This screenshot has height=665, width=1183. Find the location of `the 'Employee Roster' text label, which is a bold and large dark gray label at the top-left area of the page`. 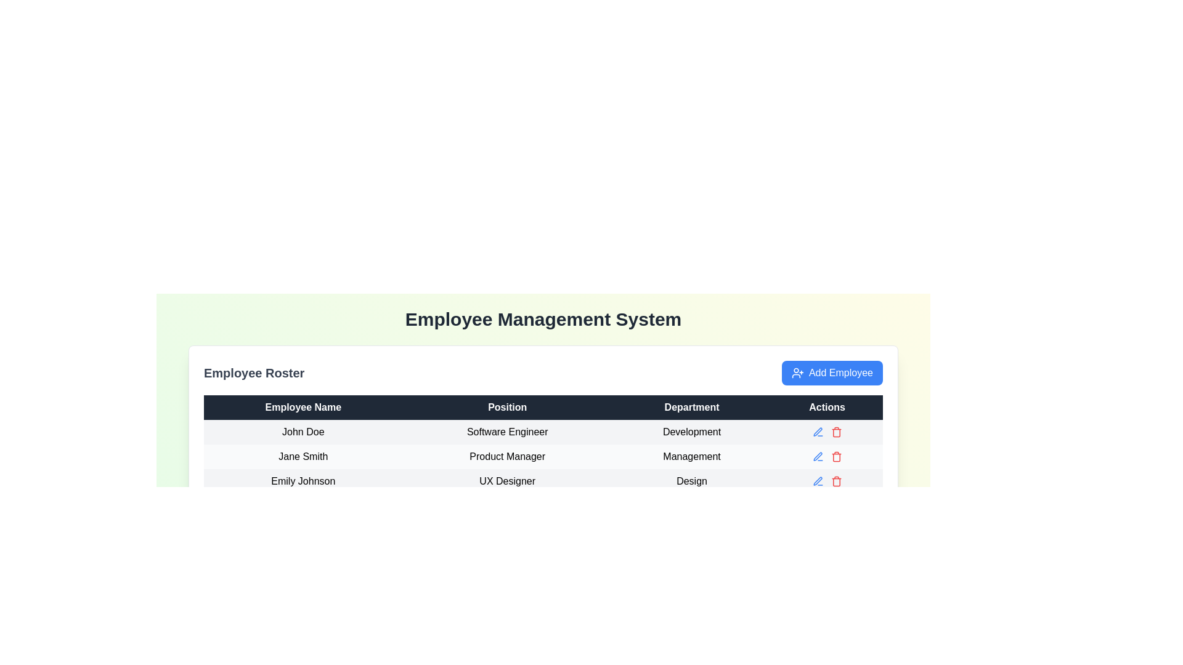

the 'Employee Roster' text label, which is a bold and large dark gray label at the top-left area of the page is located at coordinates (253, 372).